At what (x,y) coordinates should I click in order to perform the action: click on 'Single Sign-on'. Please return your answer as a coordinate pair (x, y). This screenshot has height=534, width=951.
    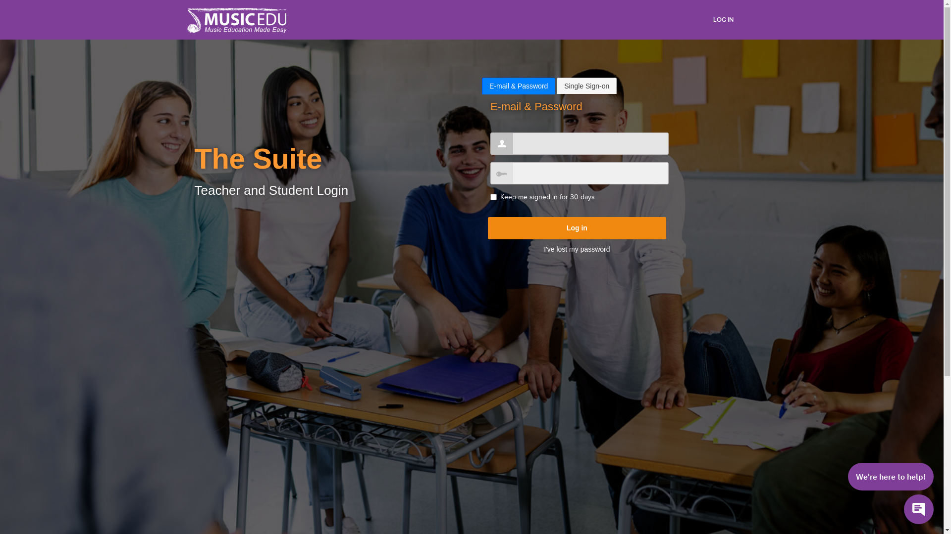
    Looking at the image, I should click on (586, 85).